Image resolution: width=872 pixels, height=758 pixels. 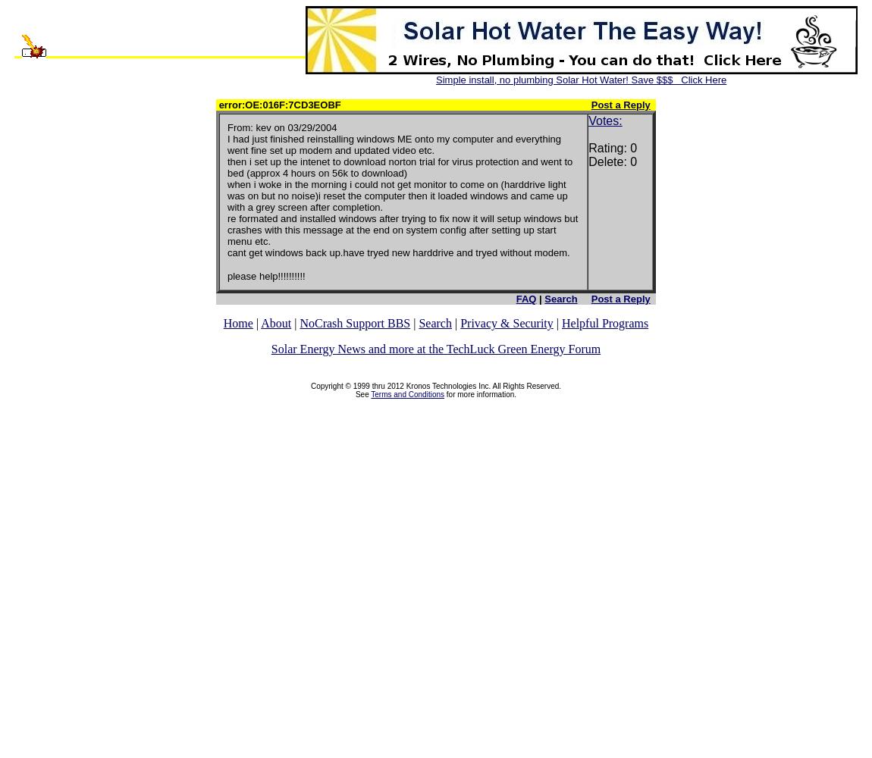 I want to click on 'error:OE:016F:7CD3EOBF', so click(x=279, y=105).